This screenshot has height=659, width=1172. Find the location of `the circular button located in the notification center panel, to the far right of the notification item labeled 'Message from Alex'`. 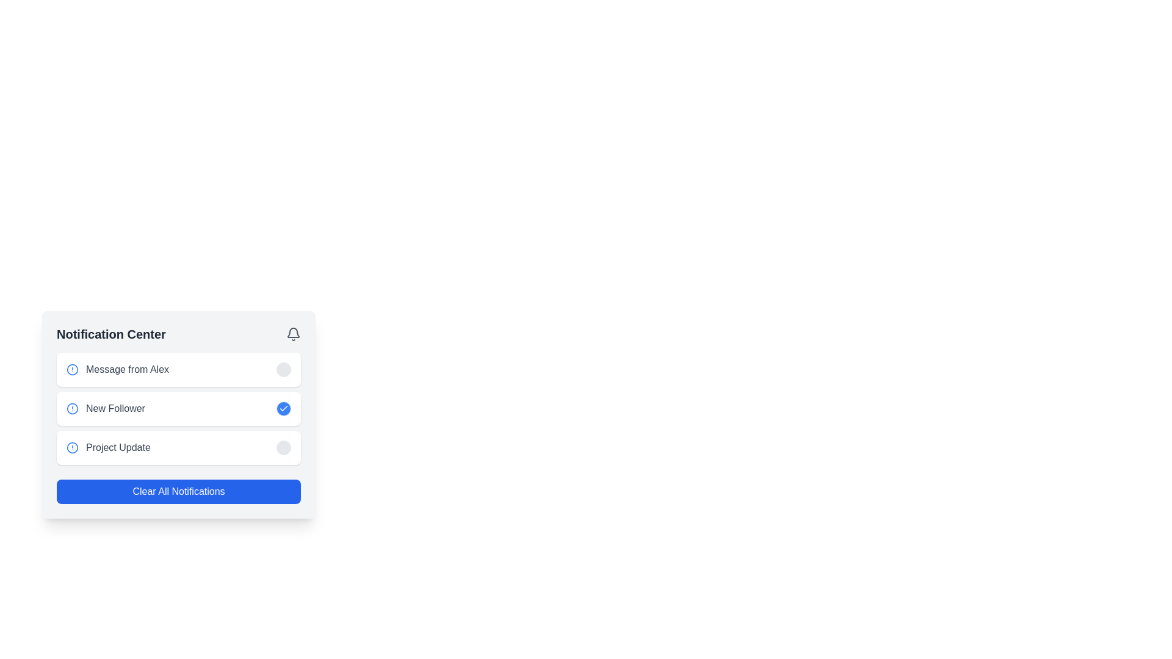

the circular button located in the notification center panel, to the far right of the notification item labeled 'Message from Alex' is located at coordinates (283, 369).